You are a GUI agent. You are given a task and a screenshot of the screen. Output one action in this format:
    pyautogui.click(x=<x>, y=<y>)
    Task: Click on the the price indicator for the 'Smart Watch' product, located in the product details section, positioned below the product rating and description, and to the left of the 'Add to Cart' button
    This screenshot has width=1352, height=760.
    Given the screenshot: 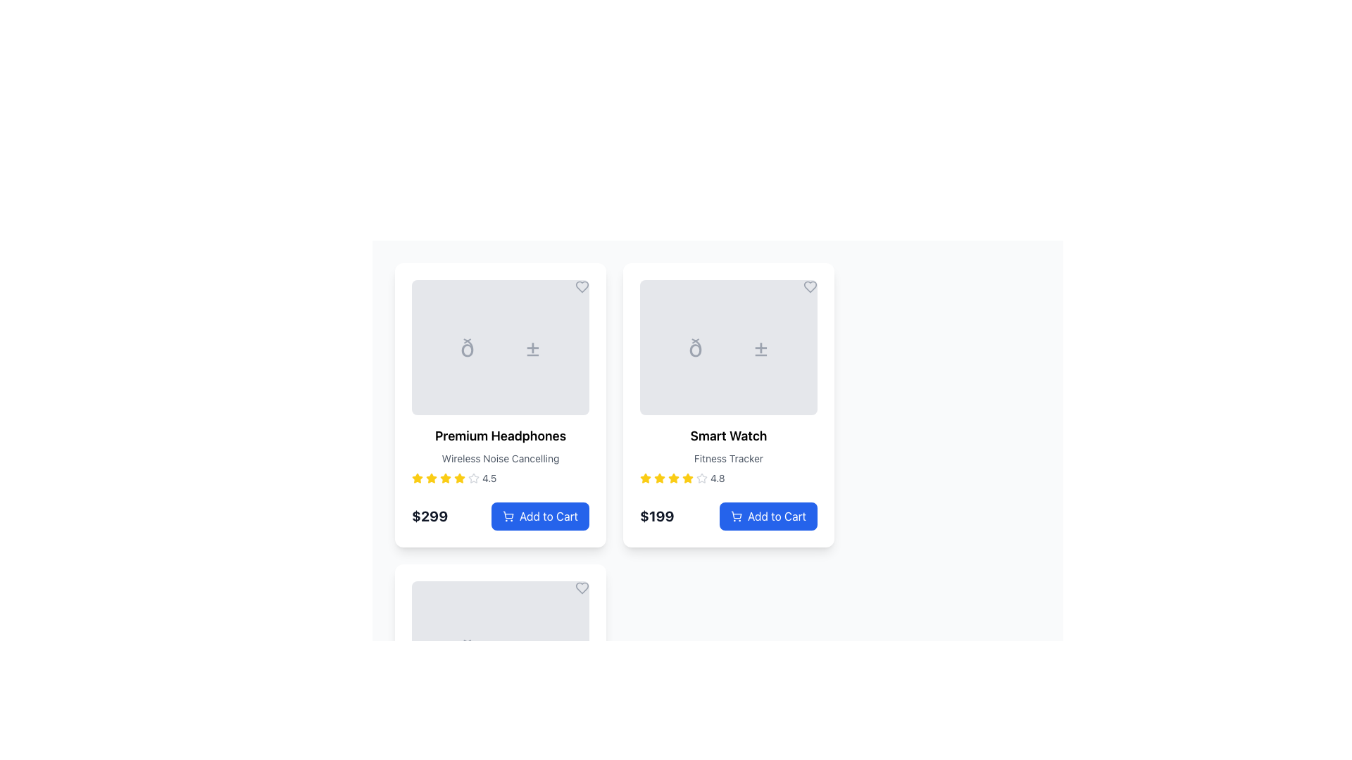 What is the action you would take?
    pyautogui.click(x=656, y=516)
    